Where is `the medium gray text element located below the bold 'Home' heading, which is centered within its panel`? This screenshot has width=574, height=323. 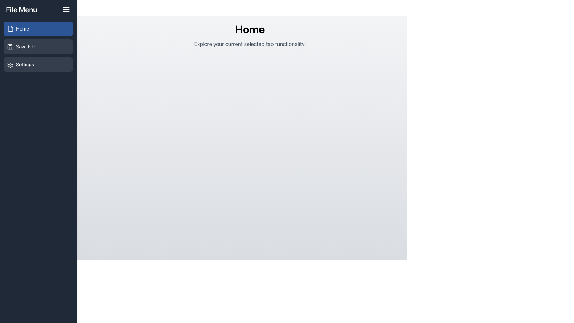
the medium gray text element located below the bold 'Home' heading, which is centered within its panel is located at coordinates (250, 44).